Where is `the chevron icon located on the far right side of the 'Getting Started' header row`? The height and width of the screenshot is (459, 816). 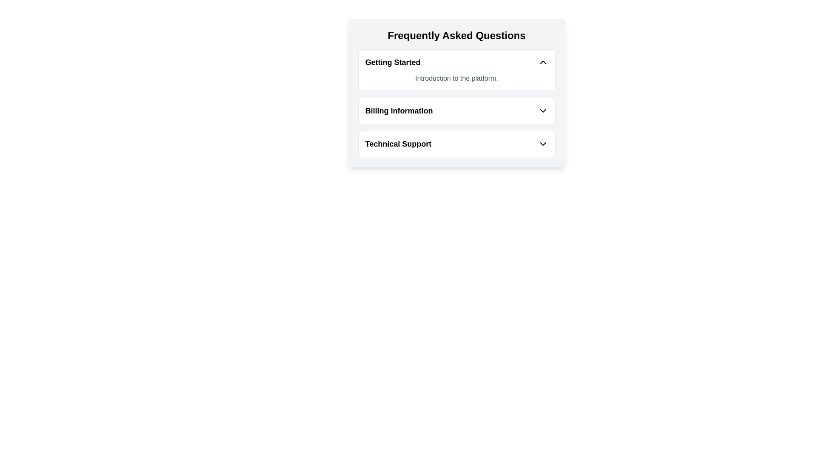
the chevron icon located on the far right side of the 'Getting Started' header row is located at coordinates (542, 62).